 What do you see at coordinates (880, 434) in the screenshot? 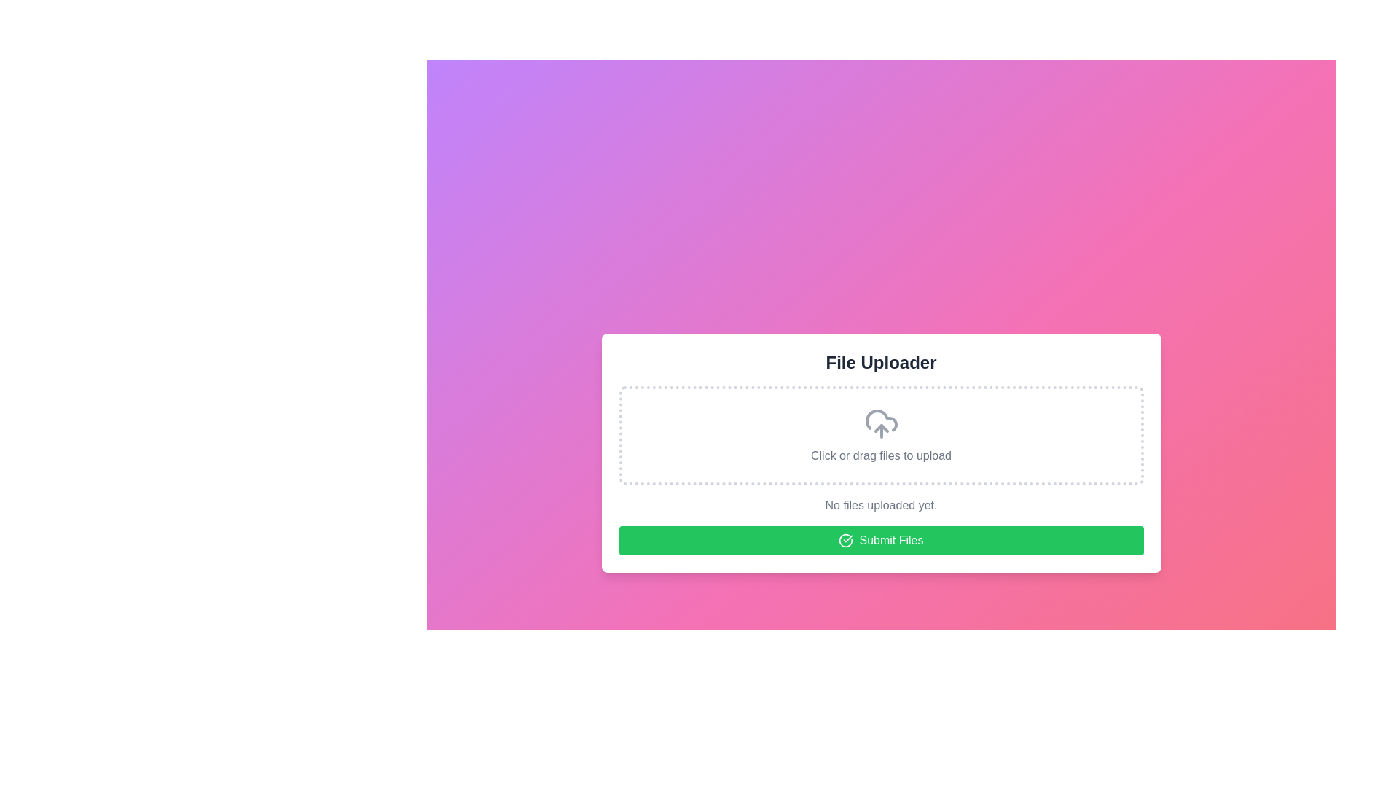
I see `and drop files over the interactive File upload area located below the 'File Uploader' title and above the 'No files uploaded yet.' text` at bounding box center [880, 434].